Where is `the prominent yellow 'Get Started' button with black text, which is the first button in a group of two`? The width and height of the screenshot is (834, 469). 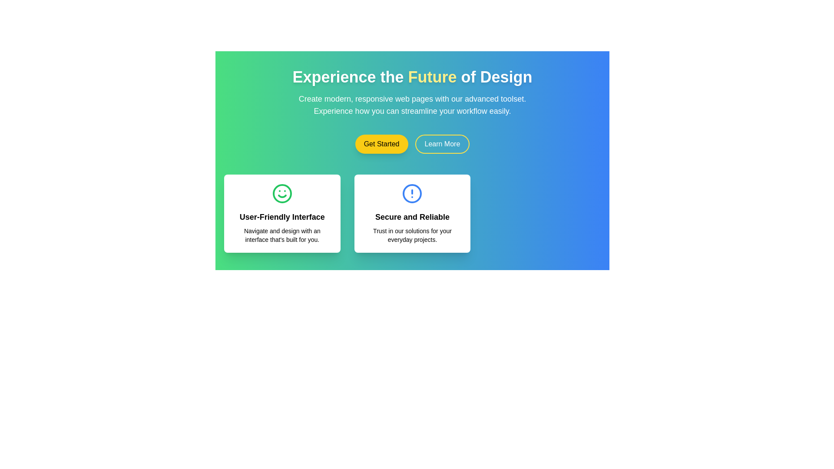
the prominent yellow 'Get Started' button with black text, which is the first button in a group of two is located at coordinates (381, 143).